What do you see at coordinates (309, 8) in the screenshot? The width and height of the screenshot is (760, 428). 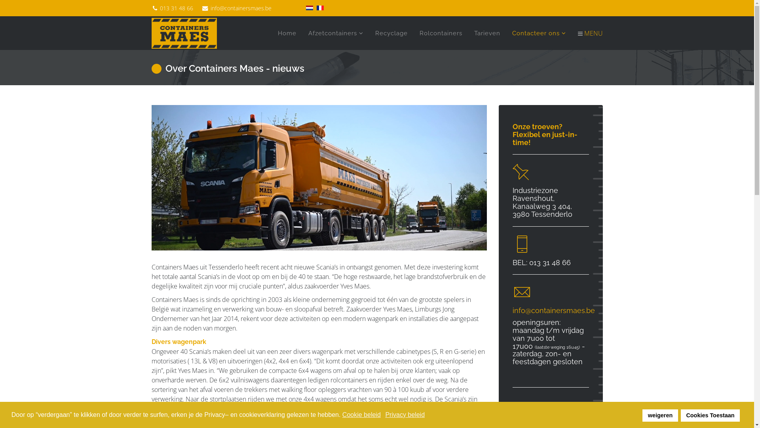 I see `'Nederlands'` at bounding box center [309, 8].